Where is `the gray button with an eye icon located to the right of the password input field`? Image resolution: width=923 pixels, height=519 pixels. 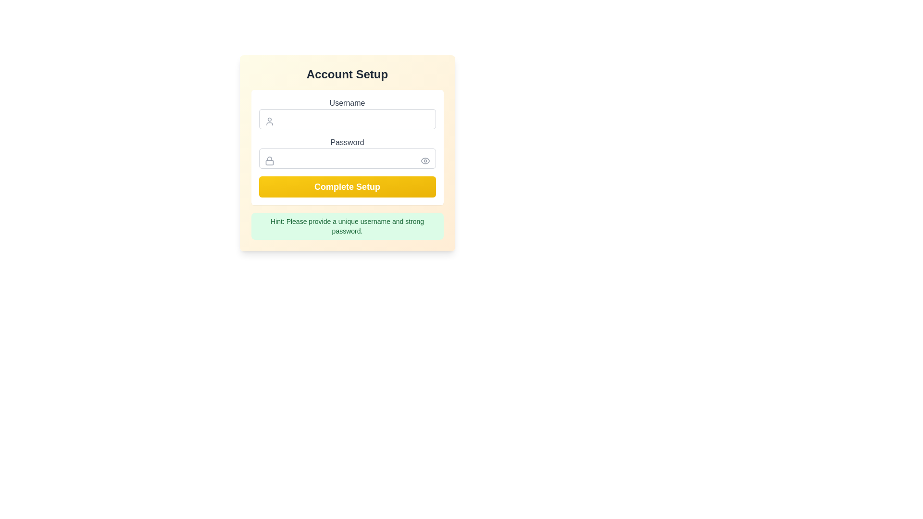
the gray button with an eye icon located to the right of the password input field is located at coordinates (424, 161).